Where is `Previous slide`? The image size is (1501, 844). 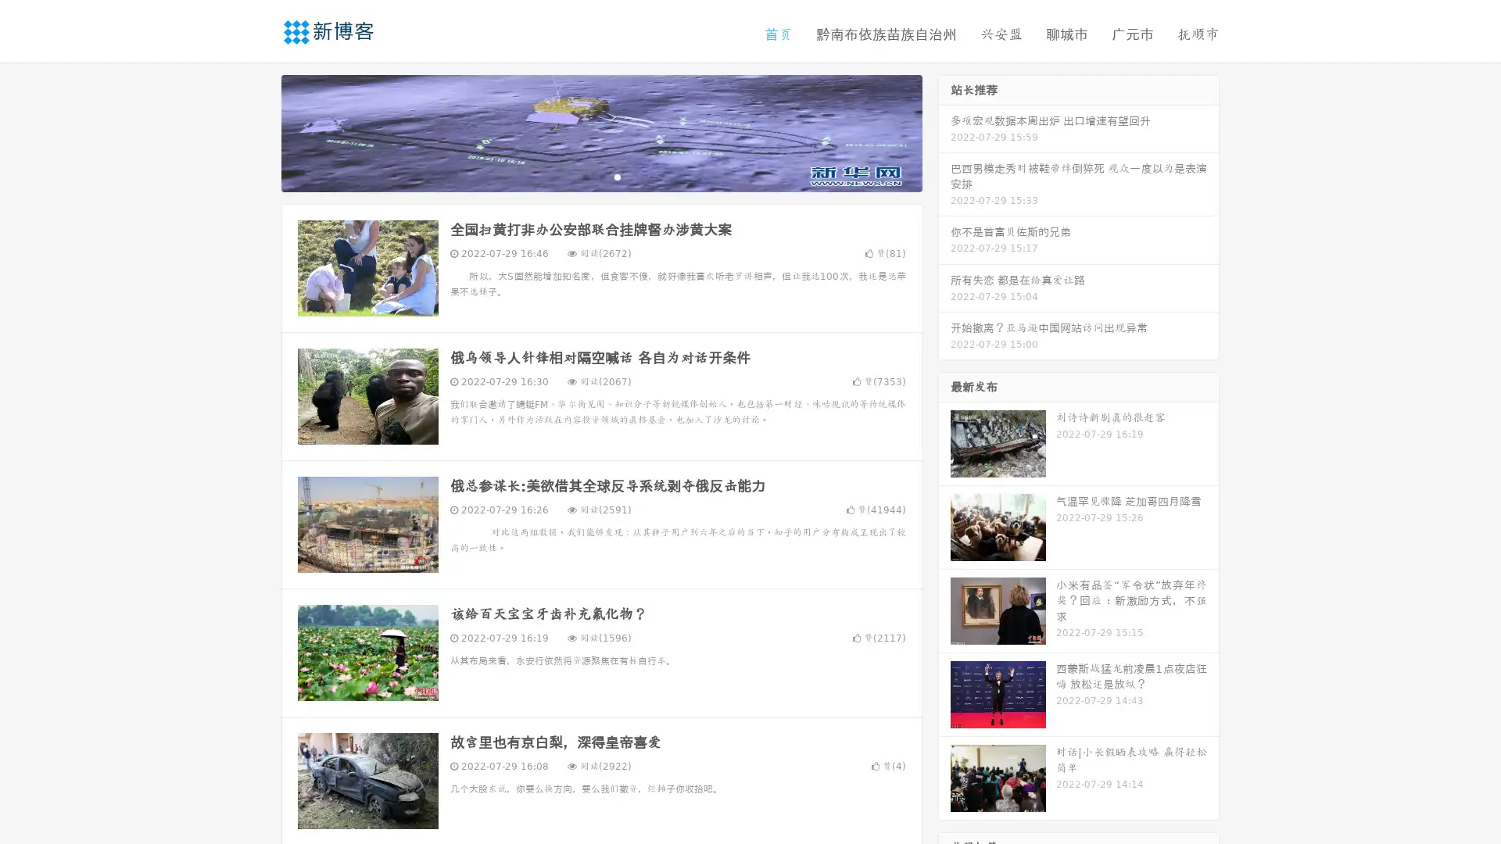 Previous slide is located at coordinates (258, 131).